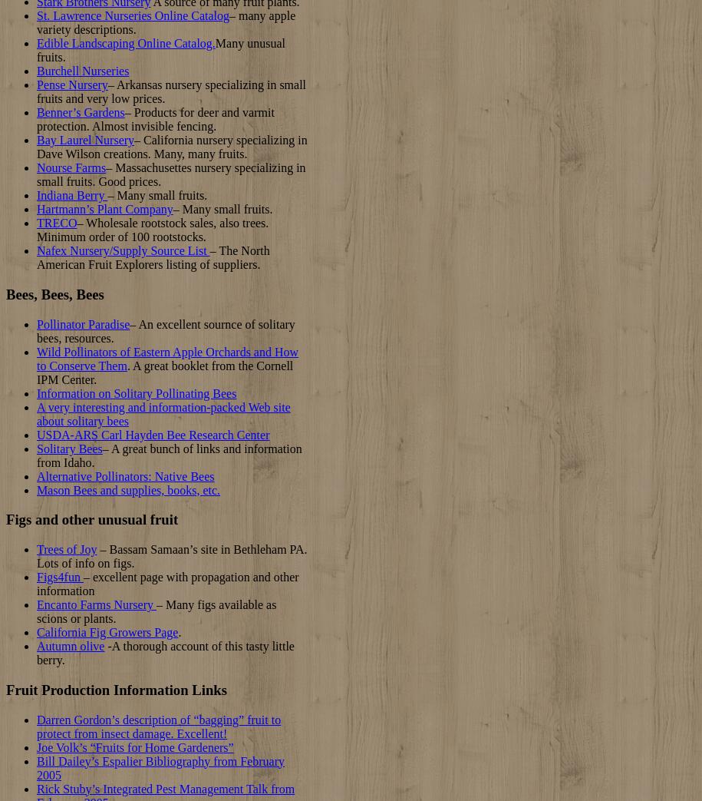  What do you see at coordinates (37, 767) in the screenshot?
I see `'Bill Dailey’s Espalier Bibliography from February 2005'` at bounding box center [37, 767].